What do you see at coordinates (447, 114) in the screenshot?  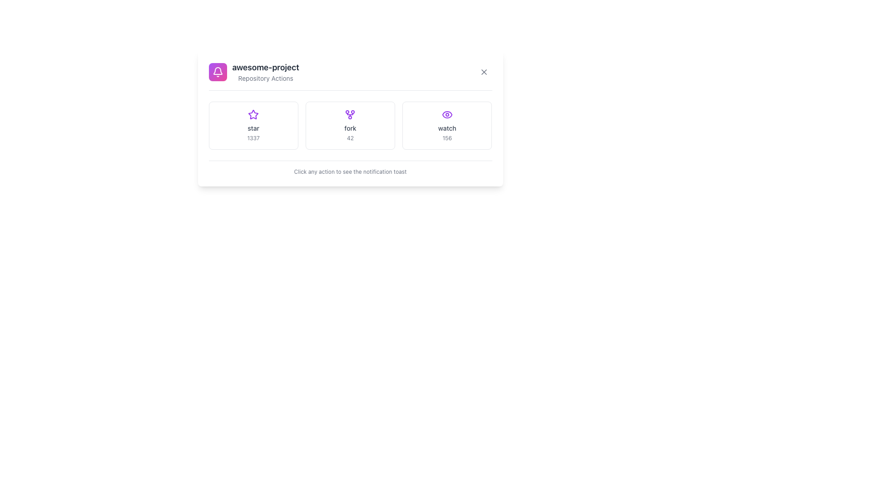 I see `the 'watch' icon located in the rightmost section of the interface, positioned above the label 'watch' and next to the numeric counter '156'` at bounding box center [447, 114].